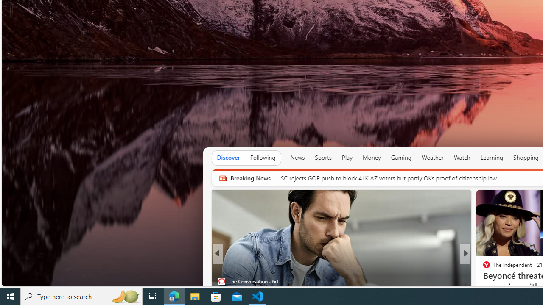  What do you see at coordinates (483, 268) in the screenshot?
I see `'Axios'` at bounding box center [483, 268].